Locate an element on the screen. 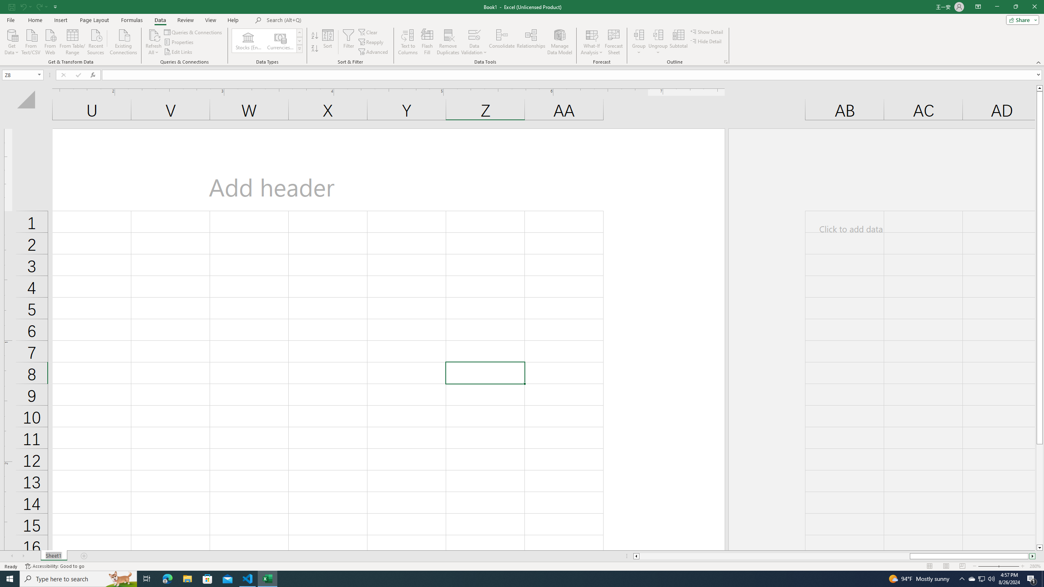 The height and width of the screenshot is (587, 1044). 'Show Detail' is located at coordinates (707, 31).